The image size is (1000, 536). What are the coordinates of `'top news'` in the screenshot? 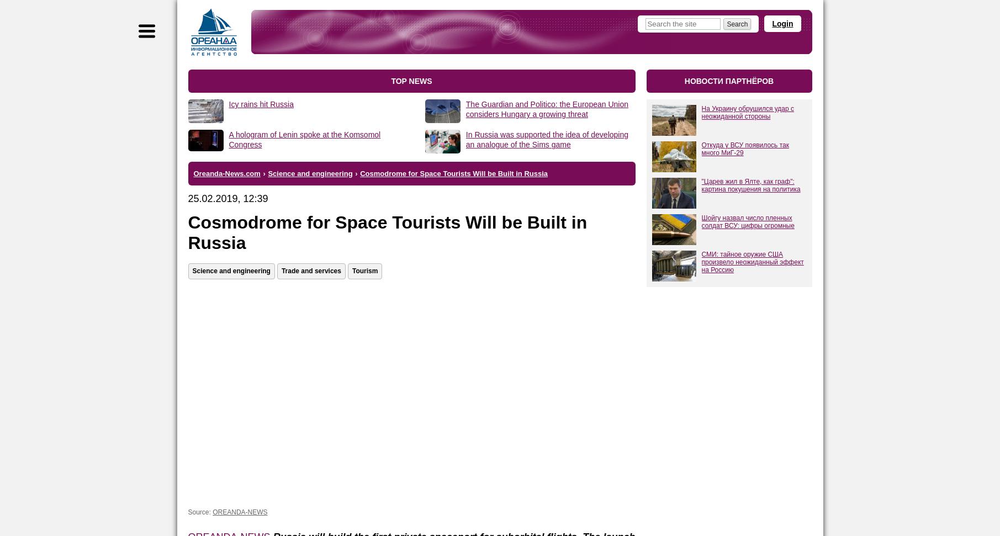 It's located at (411, 81).